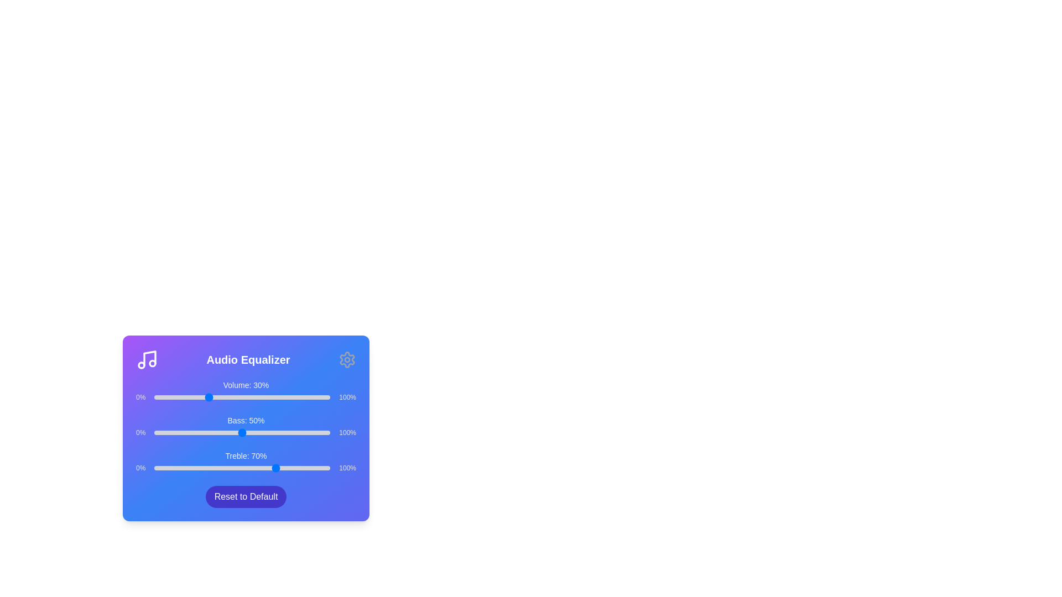 The height and width of the screenshot is (597, 1062). I want to click on the Music icon in the Audio Equalizer Panel, so click(146, 360).